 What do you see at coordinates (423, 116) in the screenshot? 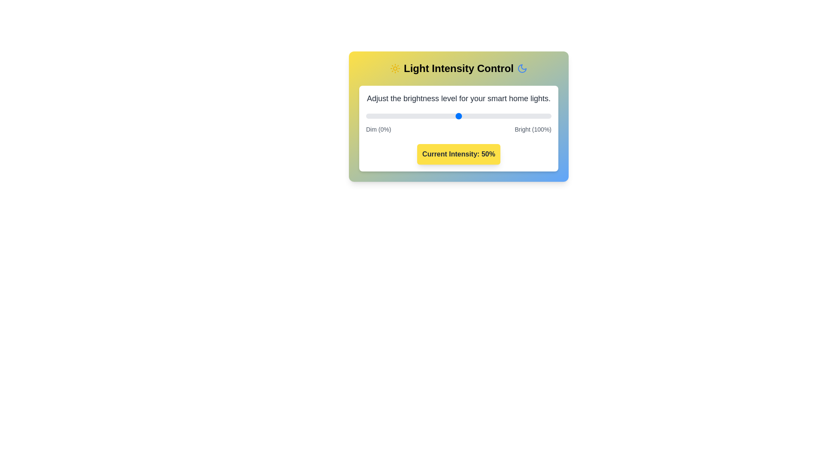
I see `the light intensity to 31% by dragging the slider` at bounding box center [423, 116].